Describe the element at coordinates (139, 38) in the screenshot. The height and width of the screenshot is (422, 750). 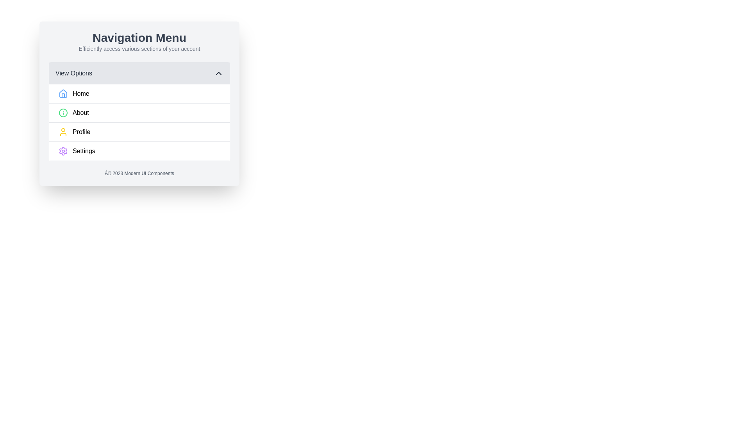
I see `the Text header located at the top center of the UI card, which serves as the main heading for the navigation menu` at that location.